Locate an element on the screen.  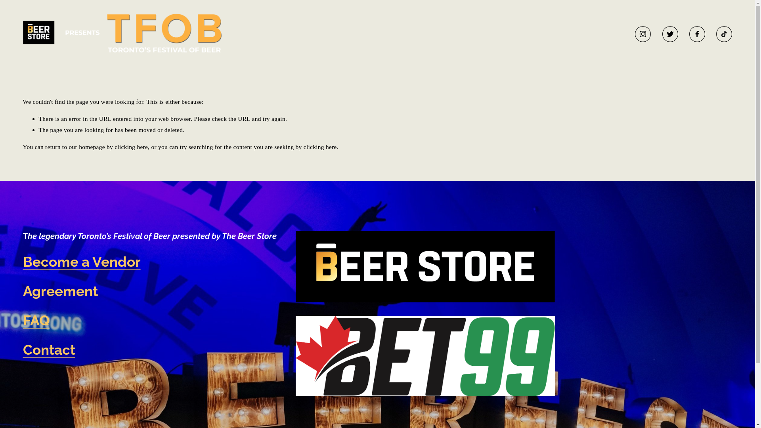
'Become a Vendor' is located at coordinates (82, 262).